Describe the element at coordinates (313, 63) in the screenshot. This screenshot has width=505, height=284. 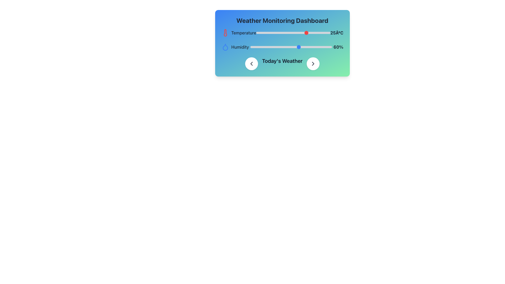
I see `the right chevron icon located centrally within the circular button at the bottom-right part of the dashboard card` at that location.